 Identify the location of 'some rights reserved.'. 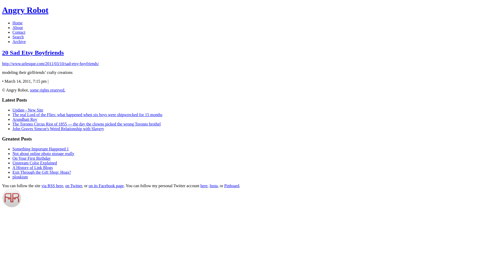
(30, 90).